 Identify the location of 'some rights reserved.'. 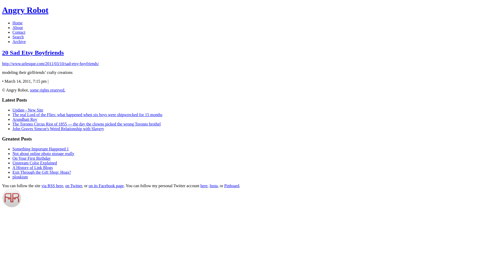
(30, 90).